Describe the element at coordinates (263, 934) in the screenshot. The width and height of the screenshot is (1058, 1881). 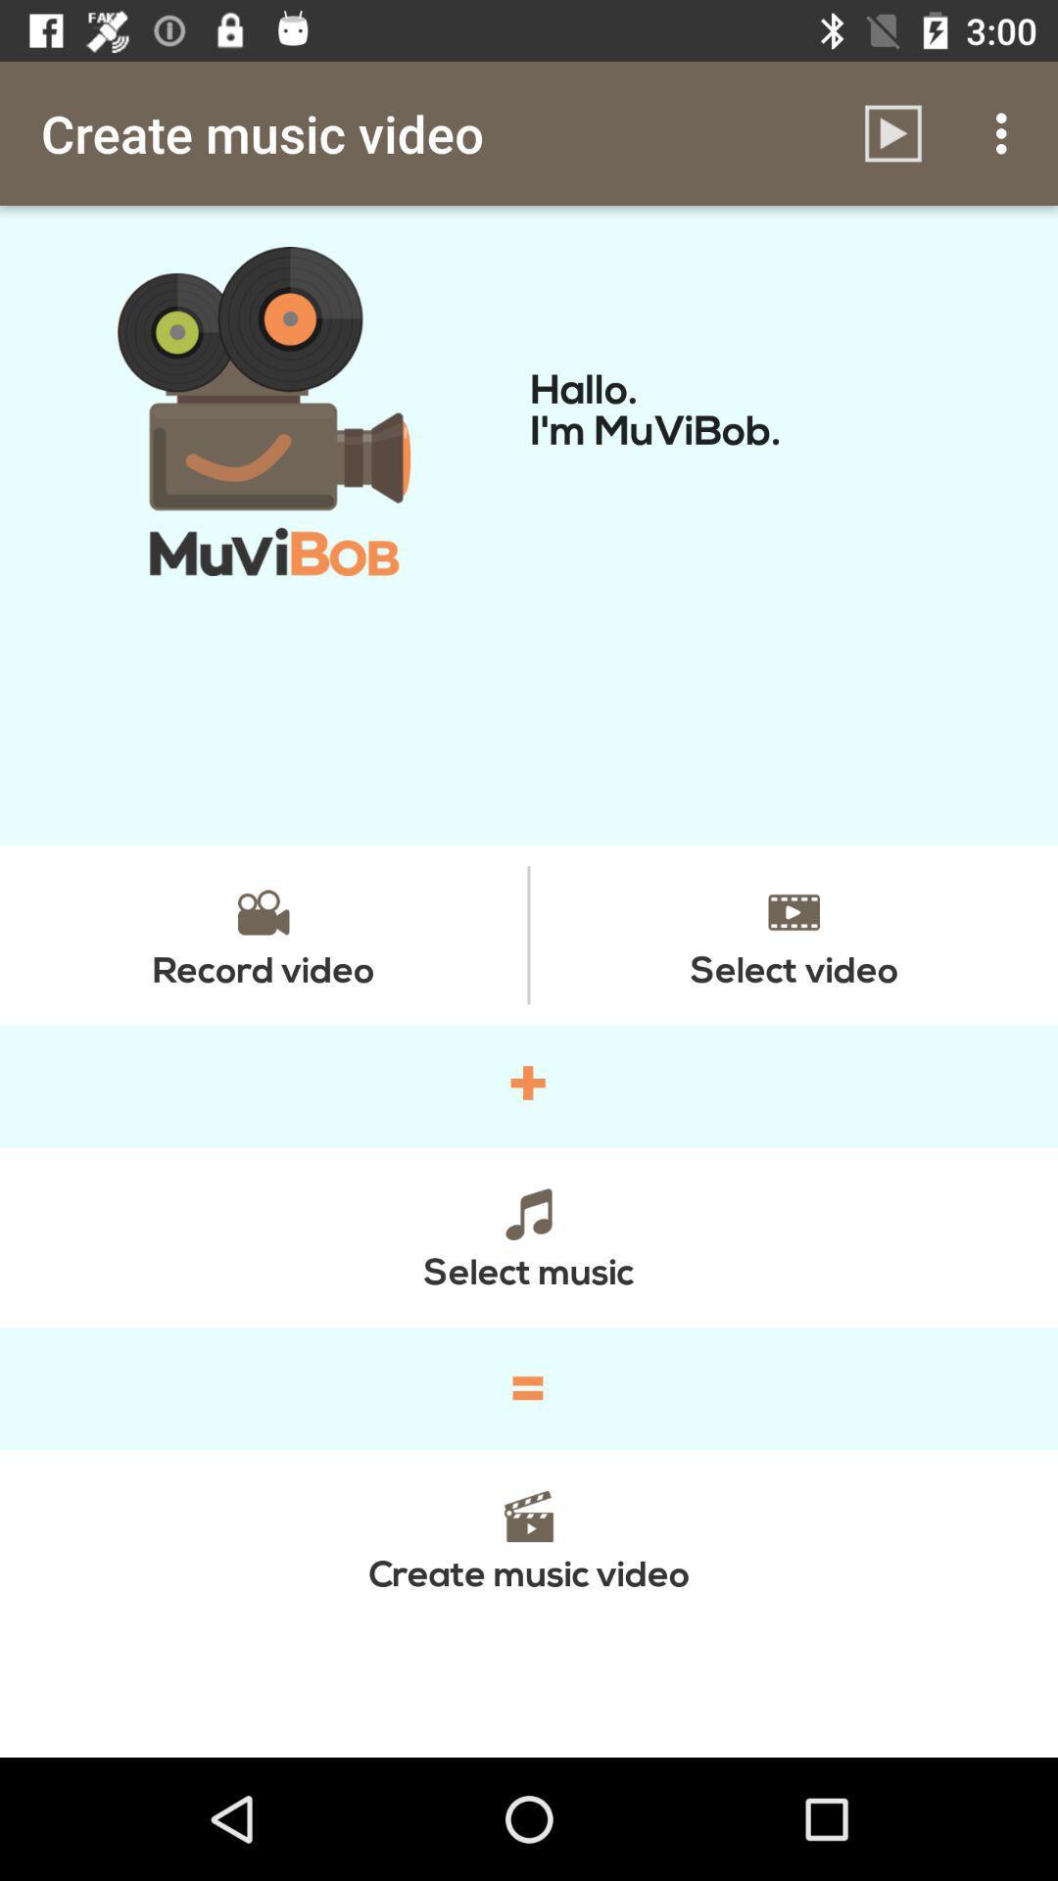
I see `icon next to the select video item` at that location.